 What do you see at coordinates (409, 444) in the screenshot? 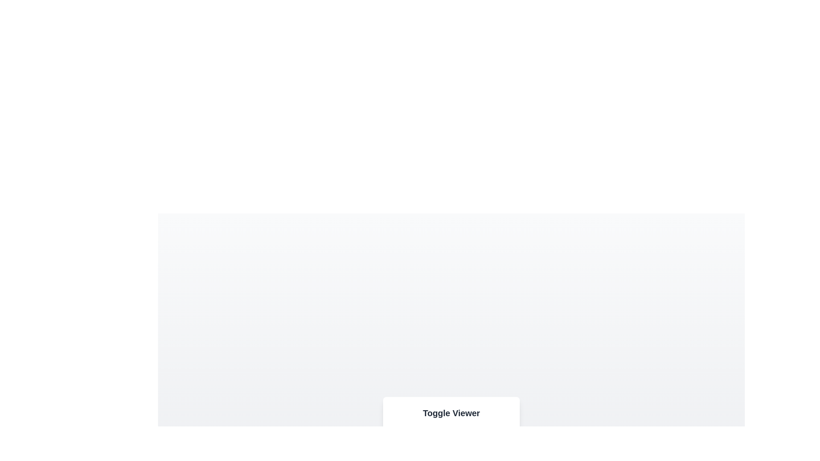
I see `the option Image from the toggle button` at bounding box center [409, 444].